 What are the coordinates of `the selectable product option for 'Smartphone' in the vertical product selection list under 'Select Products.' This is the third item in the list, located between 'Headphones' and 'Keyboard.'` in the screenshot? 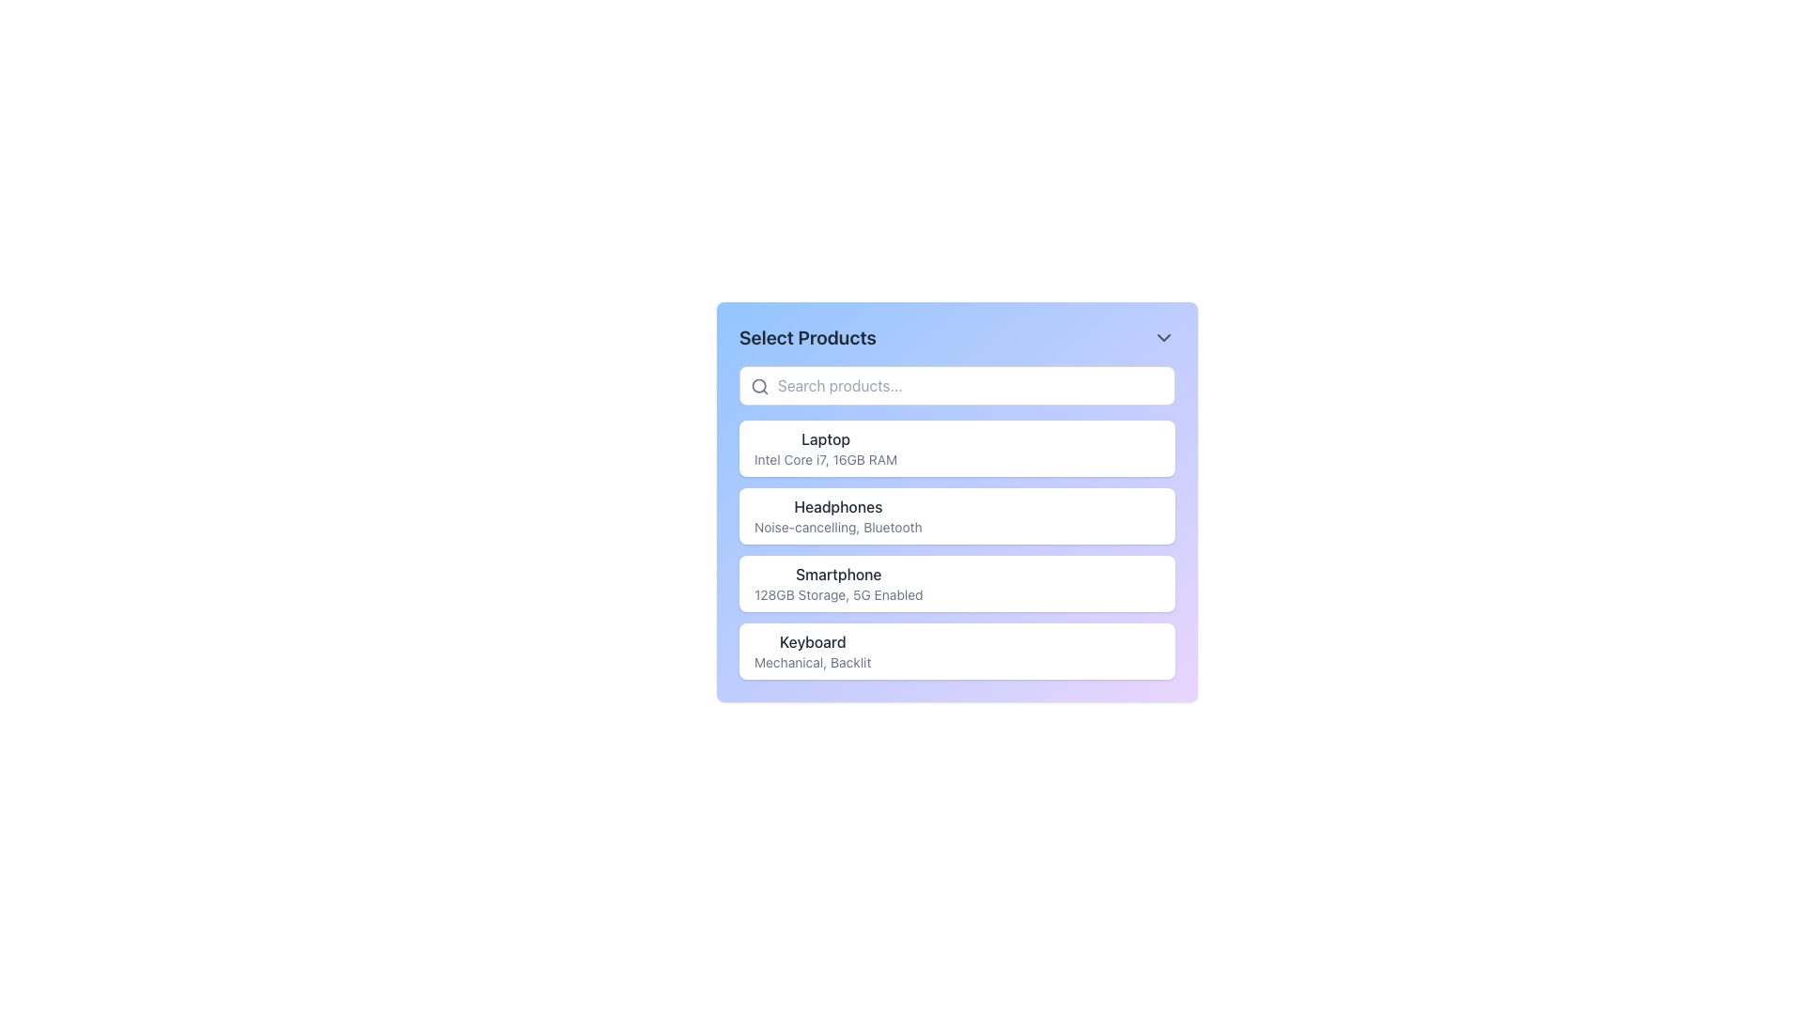 It's located at (837, 582).